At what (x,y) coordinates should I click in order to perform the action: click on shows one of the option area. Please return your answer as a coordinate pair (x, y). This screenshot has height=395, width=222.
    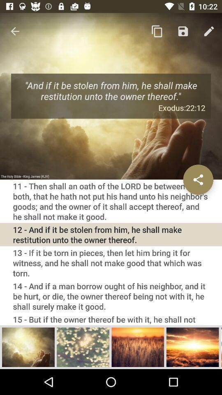
    Looking at the image, I should click on (28, 346).